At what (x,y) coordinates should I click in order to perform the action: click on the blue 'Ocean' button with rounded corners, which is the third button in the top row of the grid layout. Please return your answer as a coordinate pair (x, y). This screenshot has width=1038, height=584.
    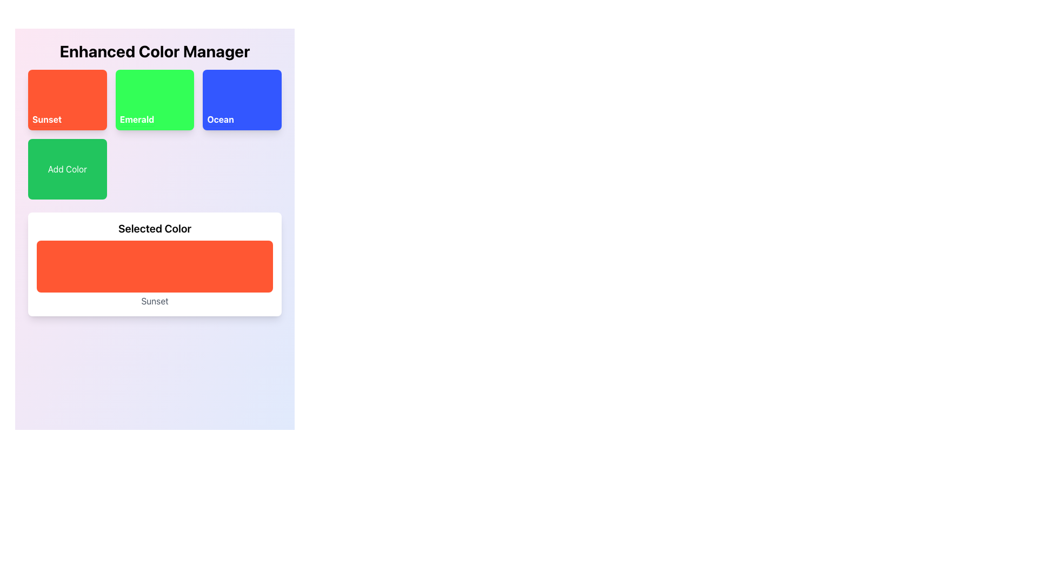
    Looking at the image, I should click on (242, 100).